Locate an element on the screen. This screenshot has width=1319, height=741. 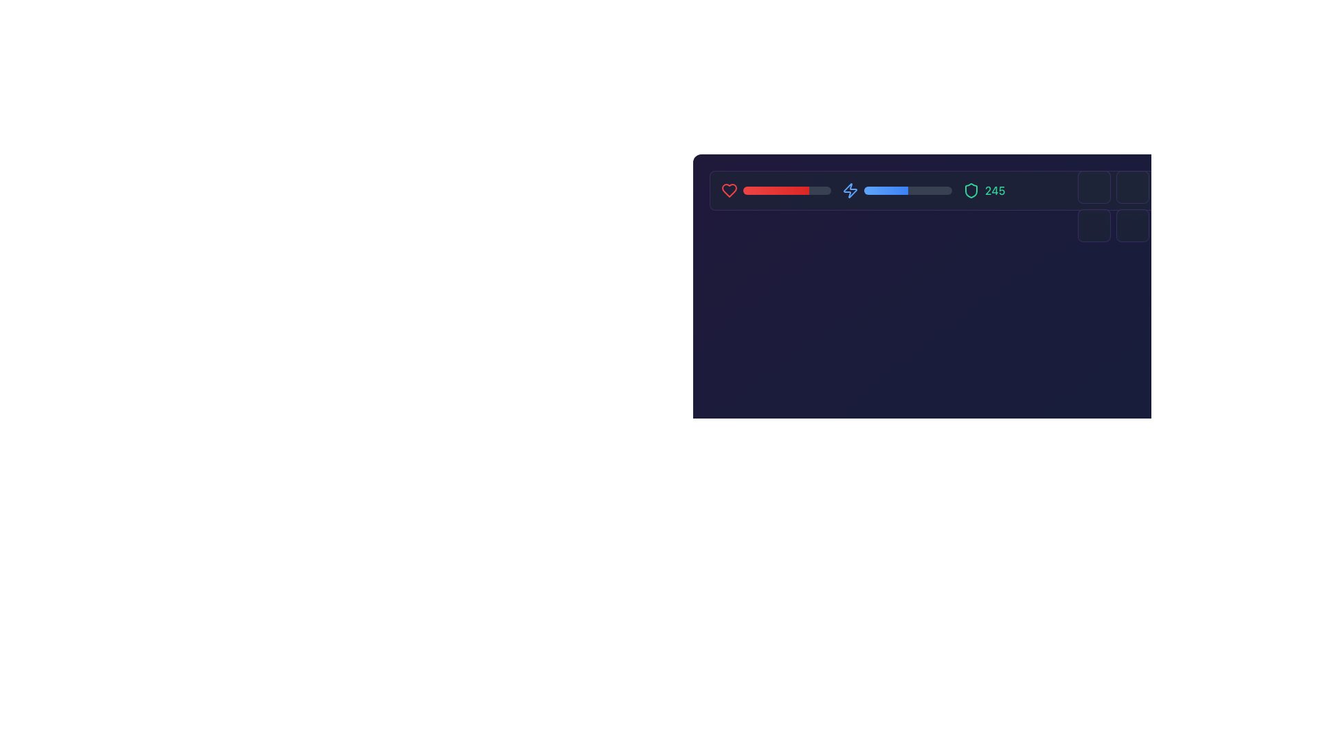
the health bar value is located at coordinates (823, 190).